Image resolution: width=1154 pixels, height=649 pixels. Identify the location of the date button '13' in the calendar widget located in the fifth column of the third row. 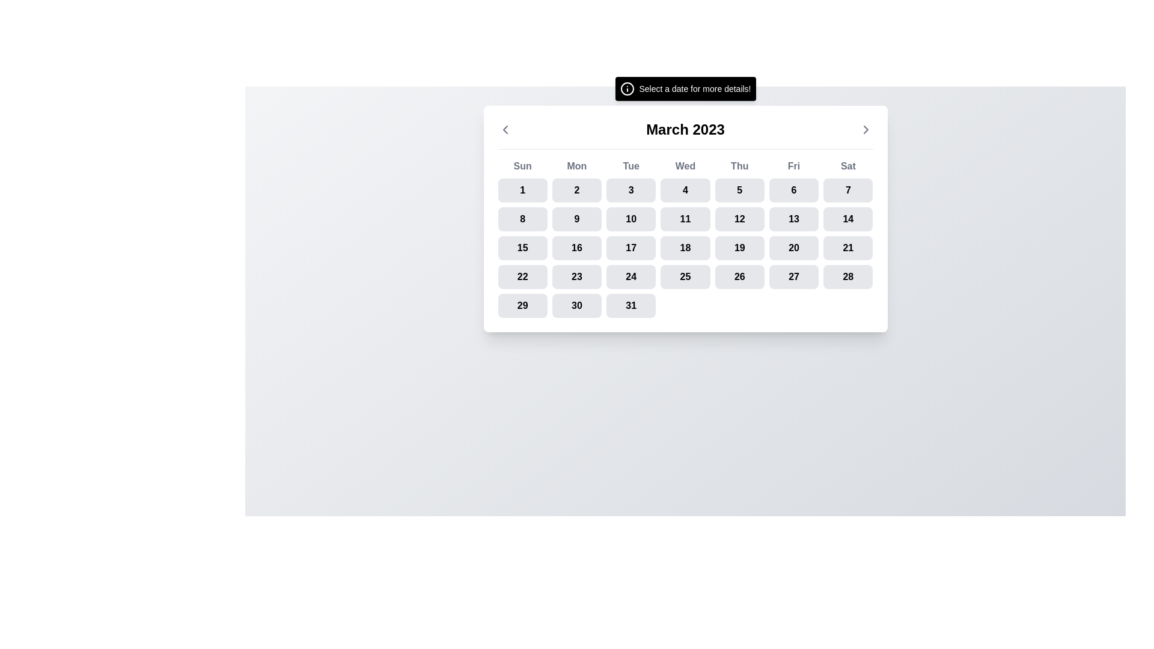
(794, 219).